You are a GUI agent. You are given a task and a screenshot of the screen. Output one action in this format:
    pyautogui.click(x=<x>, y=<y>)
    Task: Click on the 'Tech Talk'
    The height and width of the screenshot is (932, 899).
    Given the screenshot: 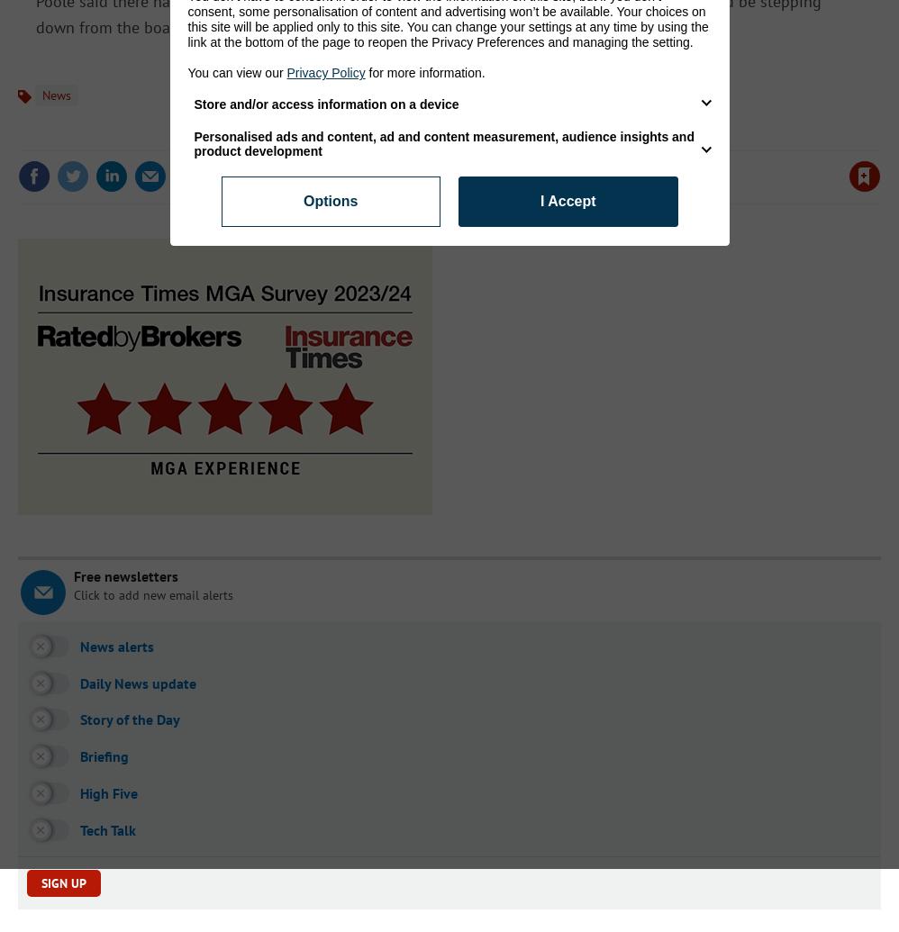 What is the action you would take?
    pyautogui.click(x=79, y=828)
    